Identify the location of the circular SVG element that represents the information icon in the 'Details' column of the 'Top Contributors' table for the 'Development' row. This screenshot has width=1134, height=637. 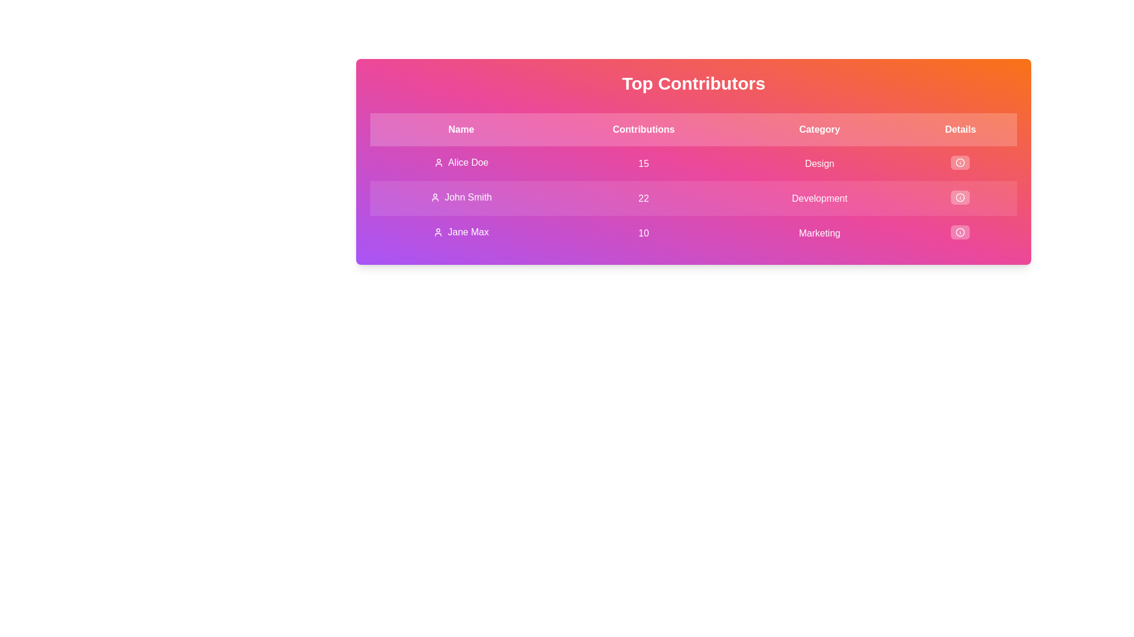
(960, 197).